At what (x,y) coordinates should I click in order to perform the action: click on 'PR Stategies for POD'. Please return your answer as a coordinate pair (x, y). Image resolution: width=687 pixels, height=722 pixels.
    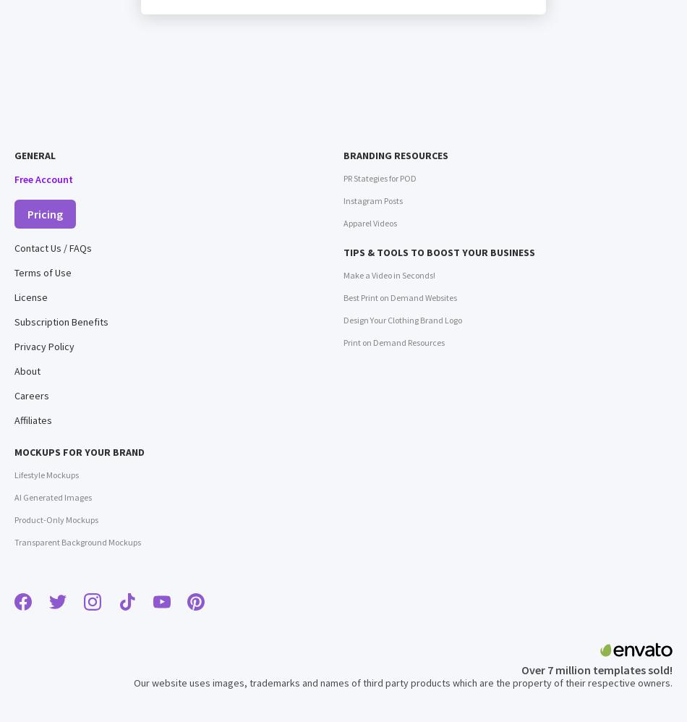
    Looking at the image, I should click on (380, 178).